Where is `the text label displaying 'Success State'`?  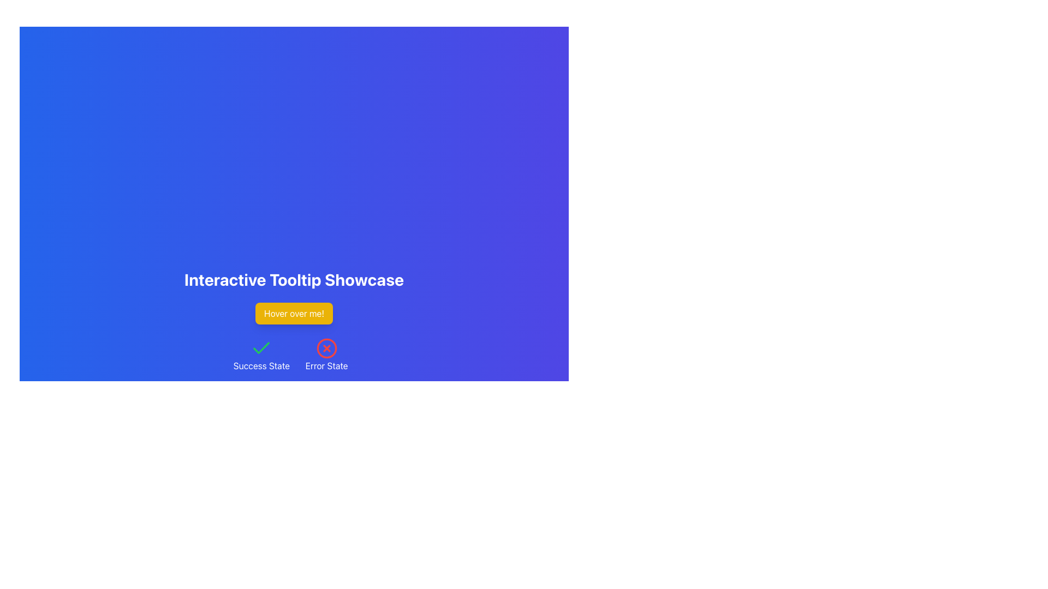 the text label displaying 'Success State' is located at coordinates (261, 366).